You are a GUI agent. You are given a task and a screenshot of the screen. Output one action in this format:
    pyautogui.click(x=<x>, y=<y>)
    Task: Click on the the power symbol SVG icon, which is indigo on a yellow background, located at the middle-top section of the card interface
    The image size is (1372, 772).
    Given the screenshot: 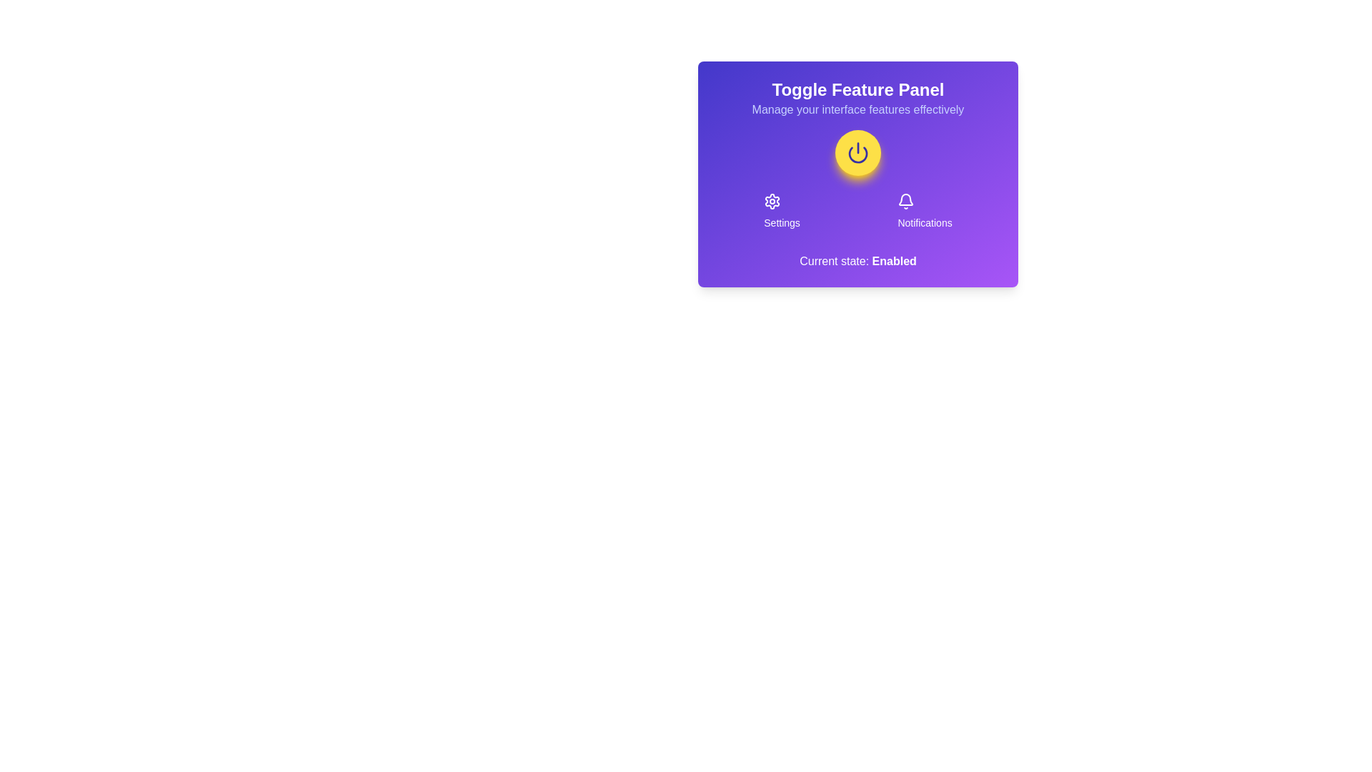 What is the action you would take?
    pyautogui.click(x=857, y=152)
    